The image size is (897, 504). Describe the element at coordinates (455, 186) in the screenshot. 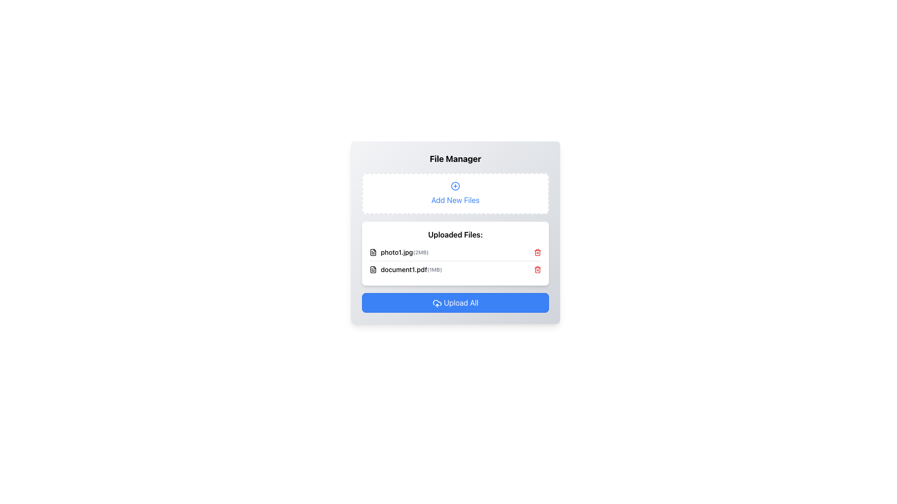

I see `the 'Add' icon located in the 'Add New Files' section, represented by a plus sign, which is centered horizontally and positioned near the top edge of the section` at that location.